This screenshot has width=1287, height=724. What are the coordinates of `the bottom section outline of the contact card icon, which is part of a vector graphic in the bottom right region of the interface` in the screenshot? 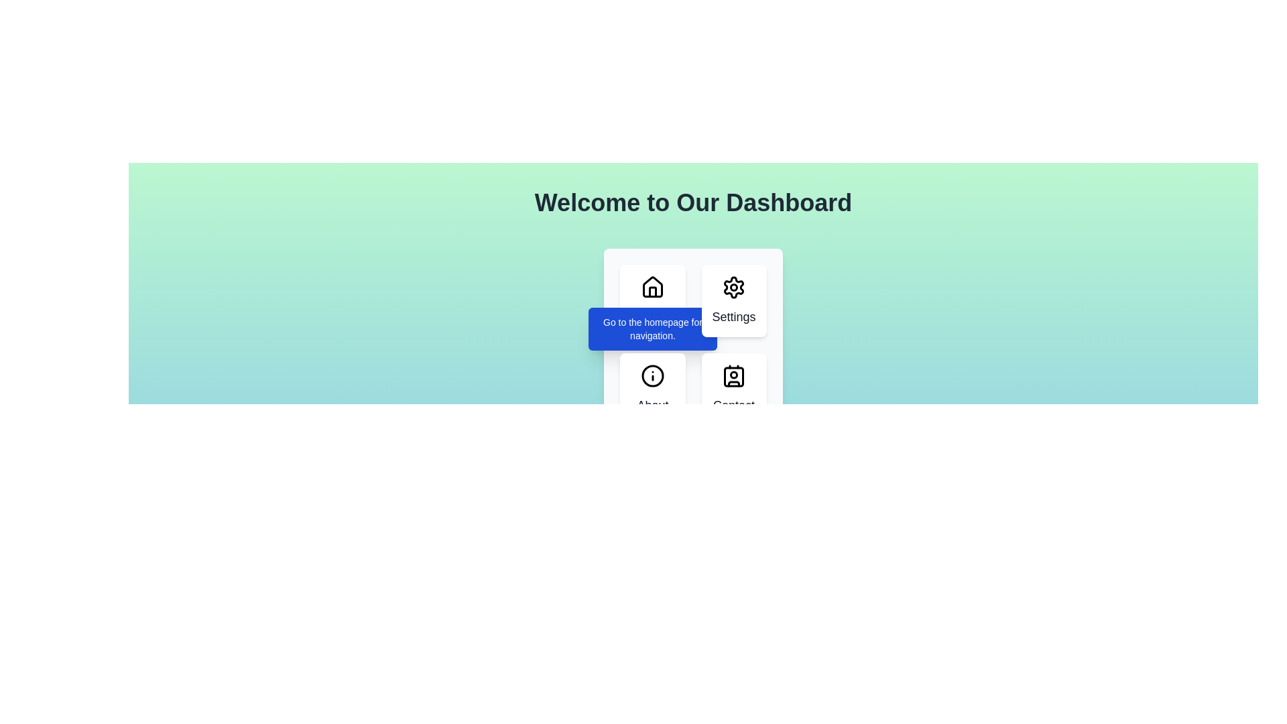 It's located at (733, 384).